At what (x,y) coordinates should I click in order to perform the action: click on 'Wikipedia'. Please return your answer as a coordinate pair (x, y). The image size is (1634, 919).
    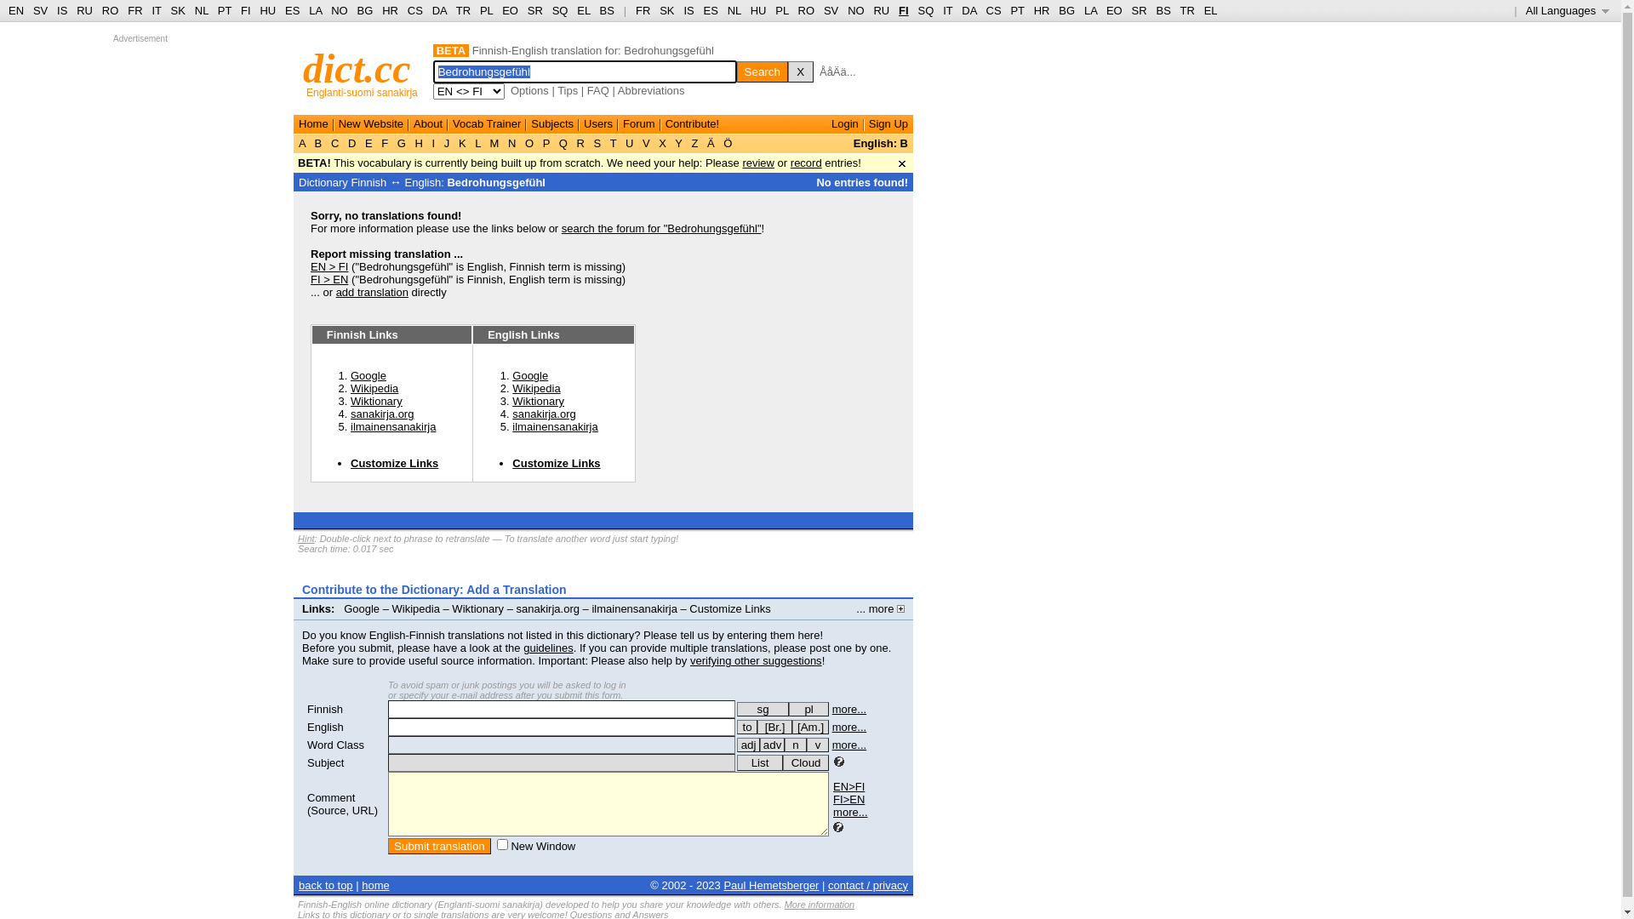
    Looking at the image, I should click on (416, 608).